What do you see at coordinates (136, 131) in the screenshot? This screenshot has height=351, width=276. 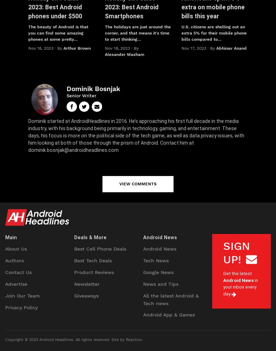 I see `'Dominik started at AndroidHeadlines in 2016. He’s approaching his first full decade in the media industry, with his background being primarily in technology, gaming, and entertainment. These days, his focus is more on the political side of the tech game, as well as data privacy issues, with him looking at both of those through the prism of Android. Contact him at'` at bounding box center [136, 131].